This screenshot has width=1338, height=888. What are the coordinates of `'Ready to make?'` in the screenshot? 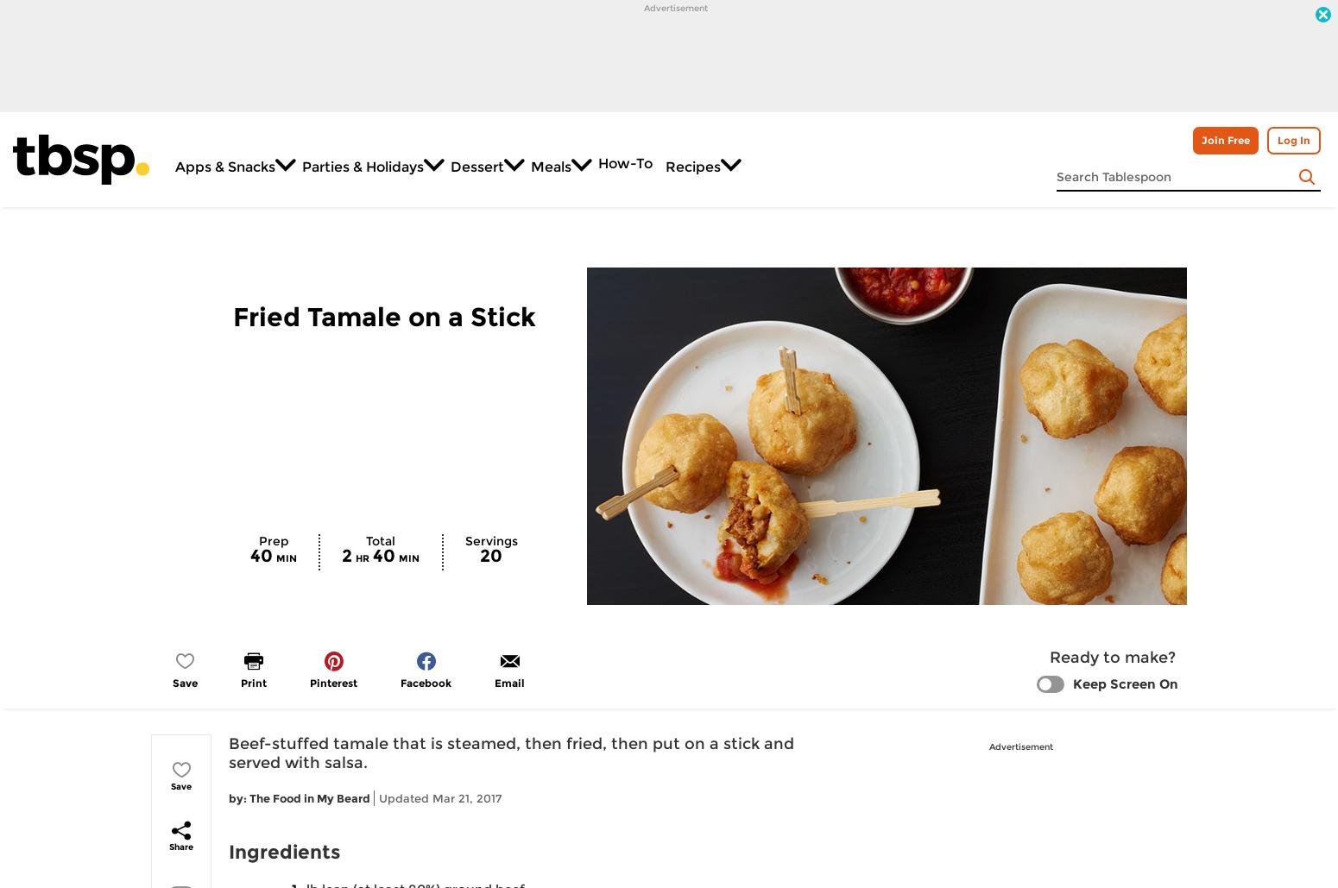 It's located at (1049, 657).